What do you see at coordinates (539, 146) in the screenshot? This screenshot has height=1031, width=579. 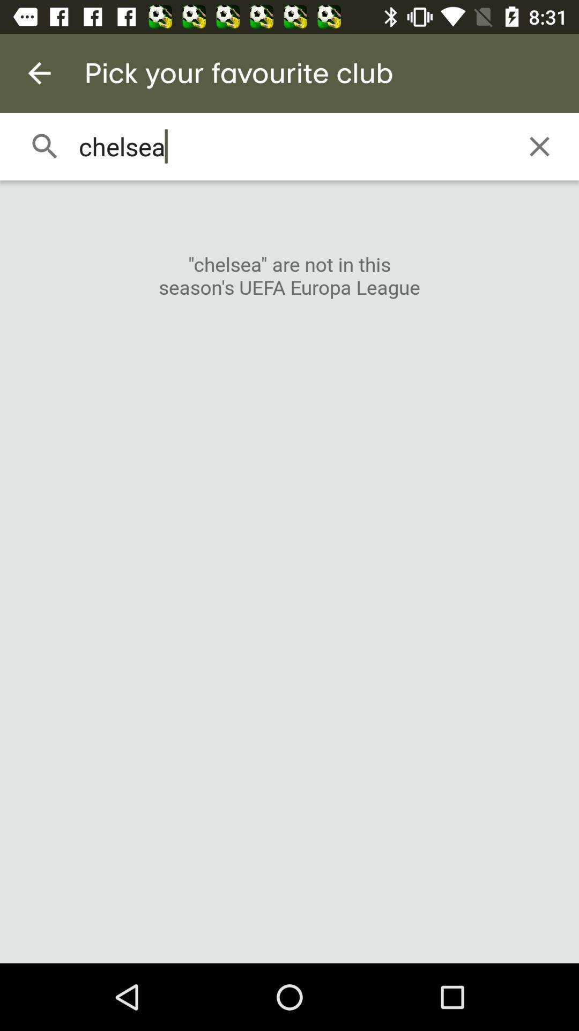 I see `icon above chelsea are not` at bounding box center [539, 146].